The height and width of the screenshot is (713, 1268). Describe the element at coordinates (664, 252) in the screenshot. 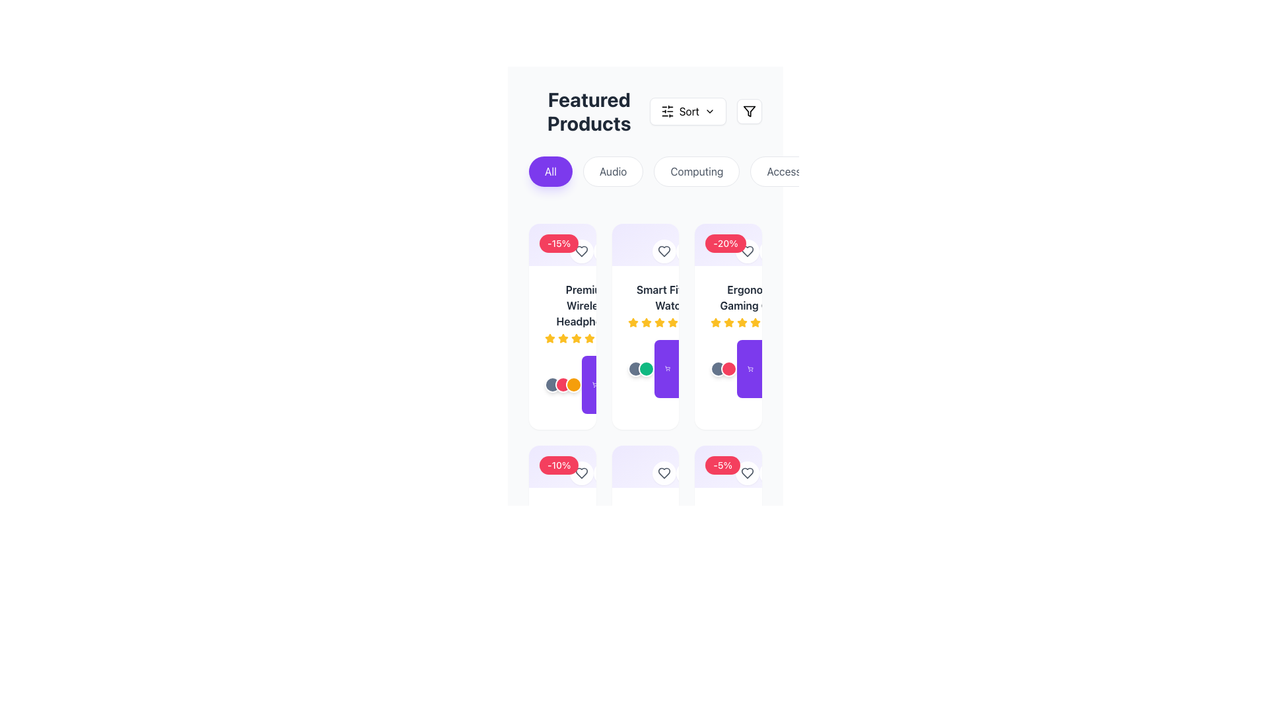

I see `the heart-shaped icon within the circular button` at that location.